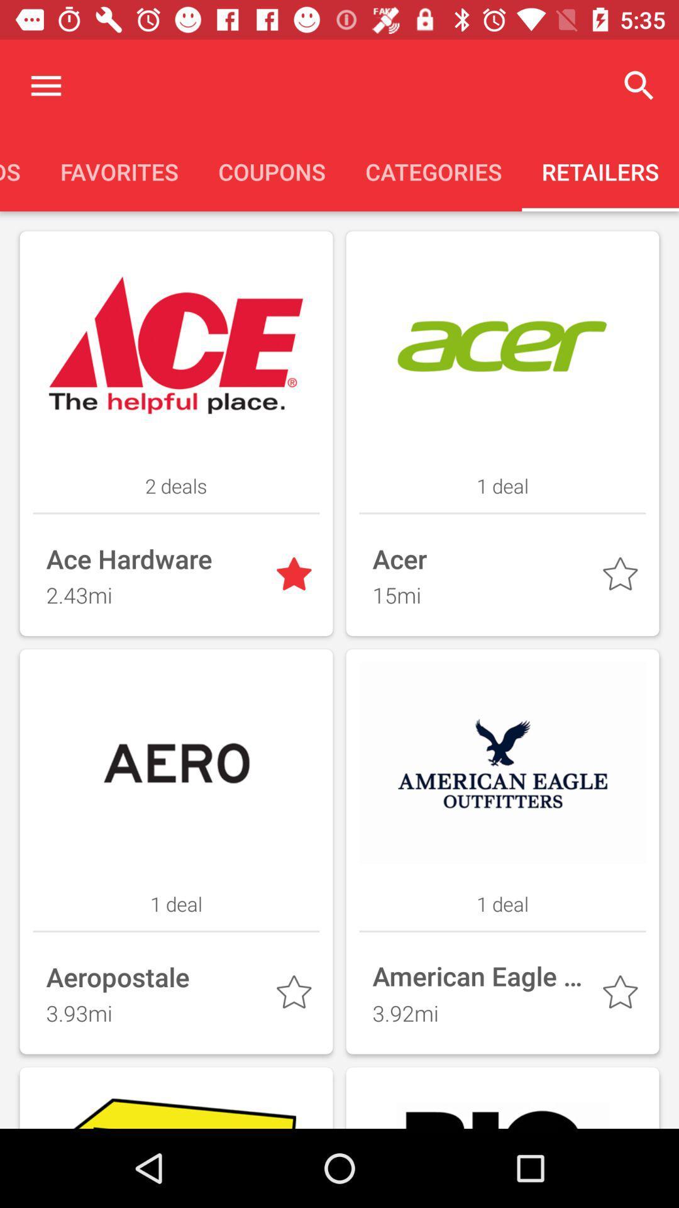 The image size is (679, 1208). I want to click on a button for adding to favorites, so click(296, 576).